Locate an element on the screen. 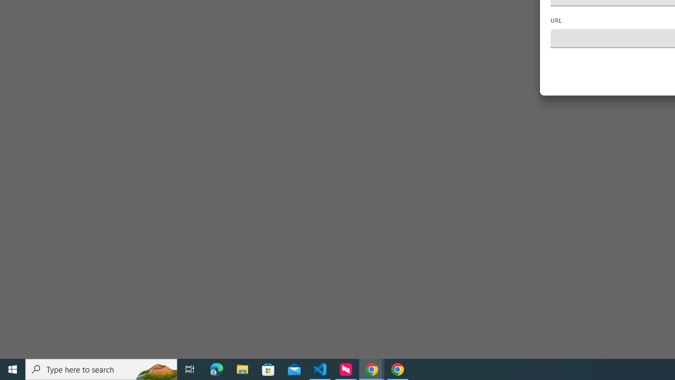  'Microsoft Store' is located at coordinates (268, 368).